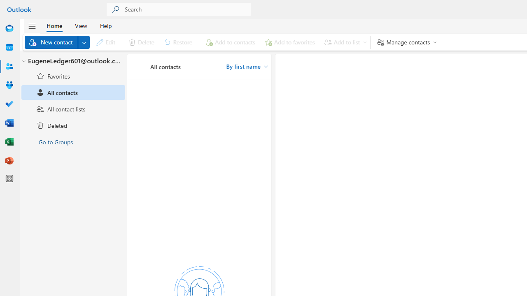 The image size is (527, 296). What do you see at coordinates (54, 25) in the screenshot?
I see `'Home'` at bounding box center [54, 25].